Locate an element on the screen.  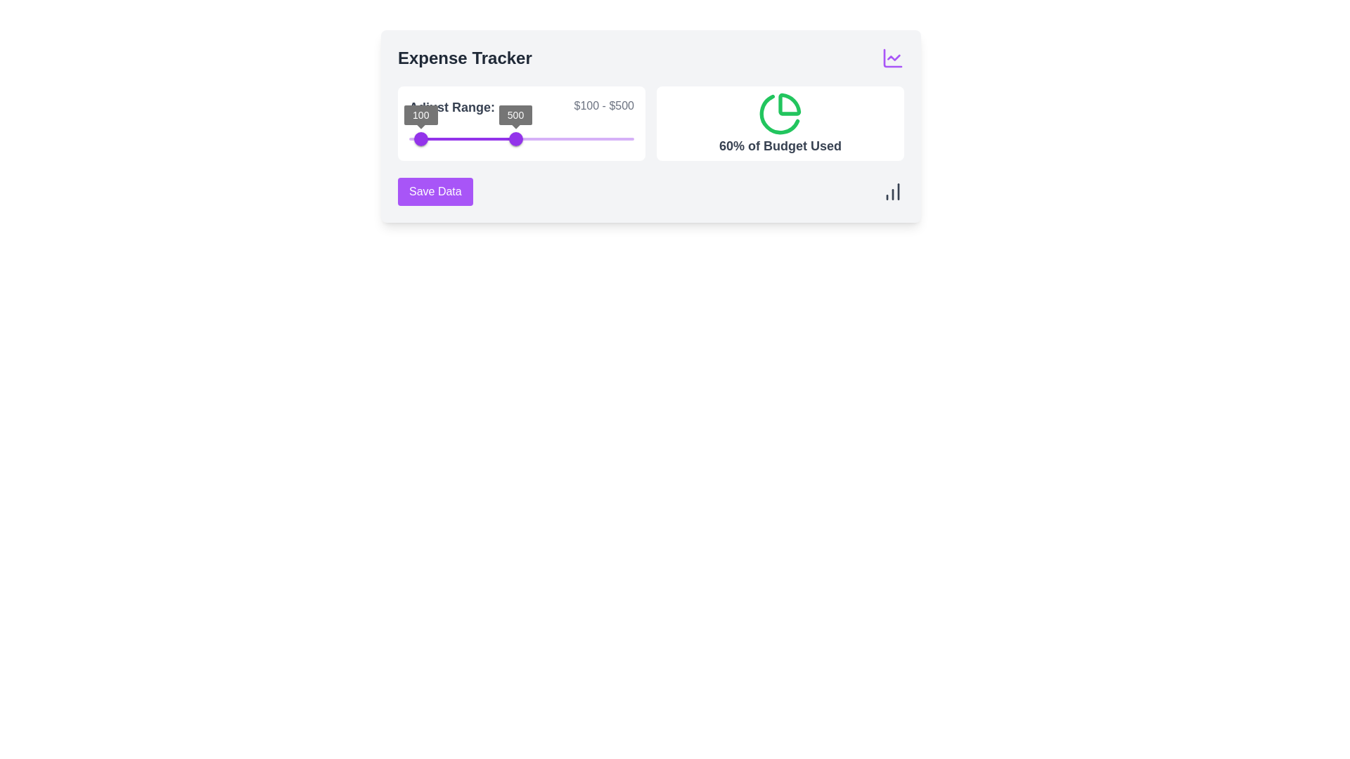
the icon located on the far right side of the 'Save Data' section is located at coordinates (892, 192).